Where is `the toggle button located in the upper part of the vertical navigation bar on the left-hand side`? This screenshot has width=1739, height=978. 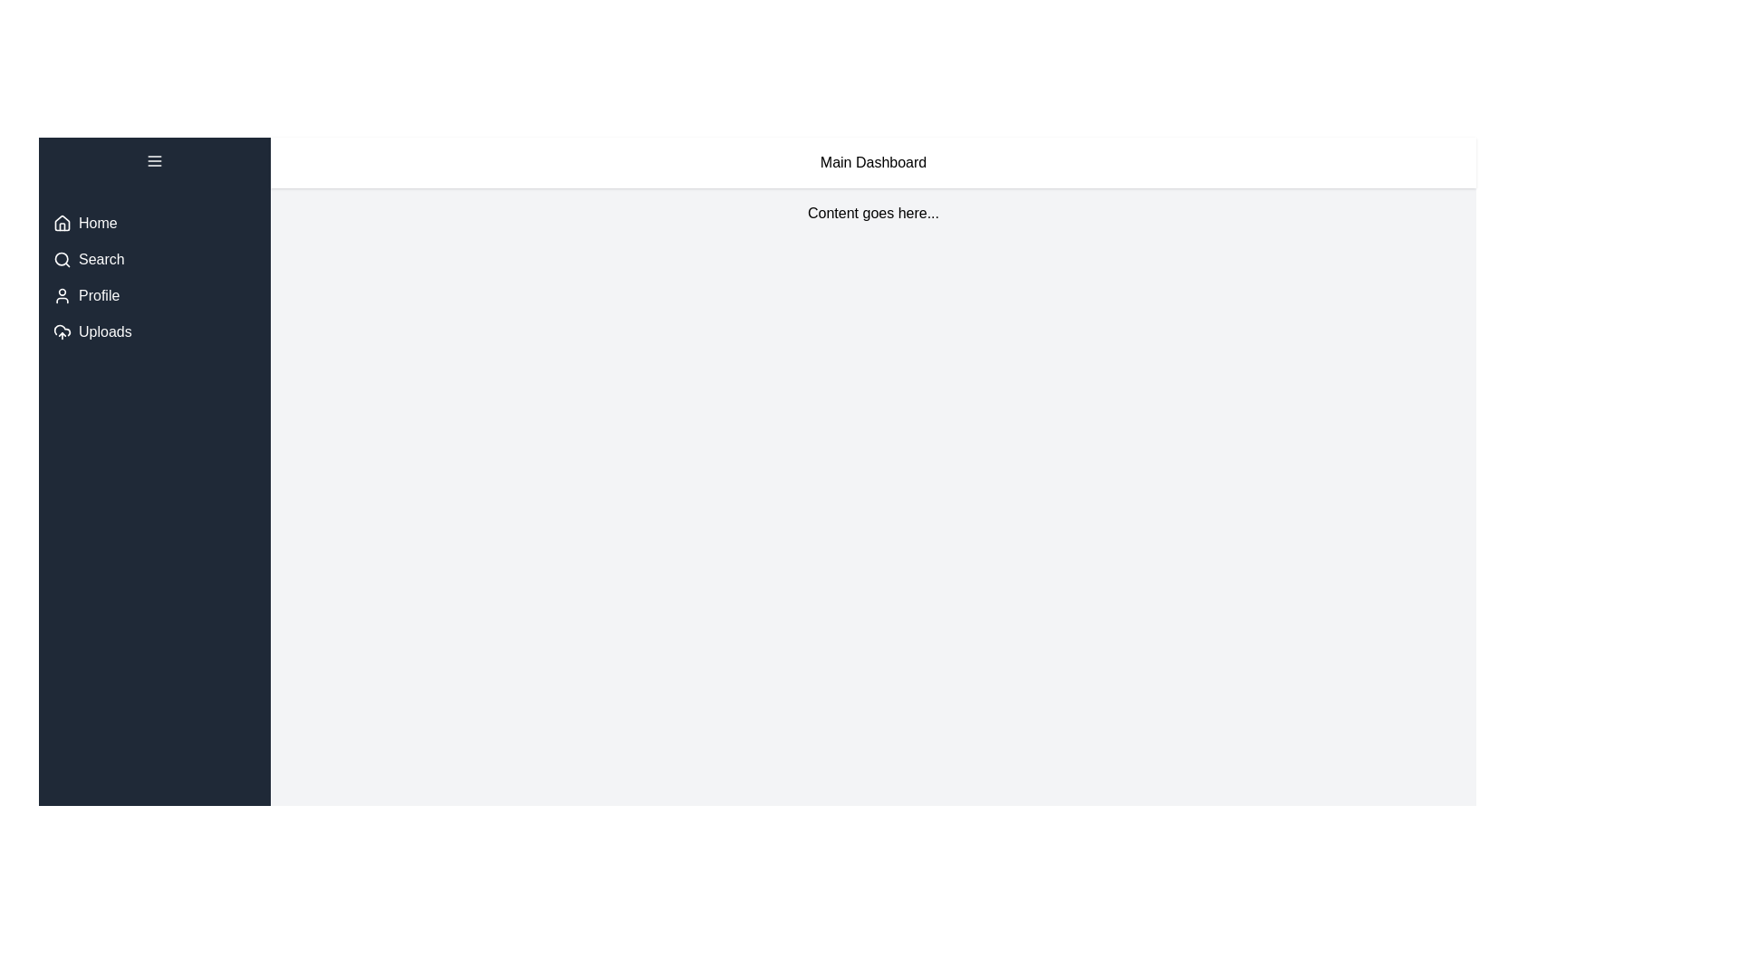 the toggle button located in the upper part of the vertical navigation bar on the left-hand side is located at coordinates (155, 159).